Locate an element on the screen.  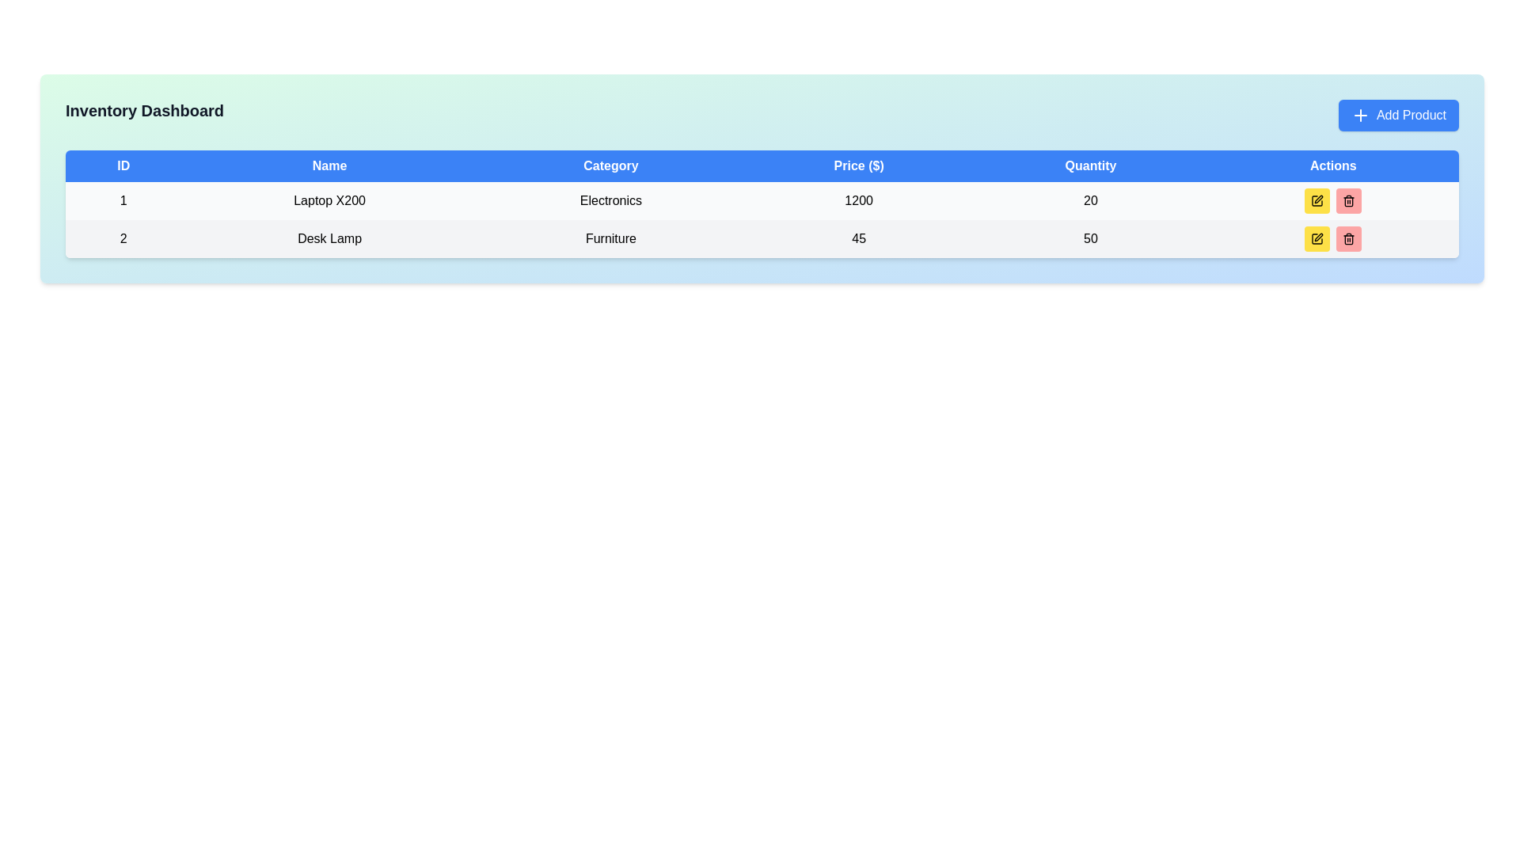
the Table Header element labeled 'ID', which is a blue rectangular button with white text, located at the leftmost side of the table headers is located at coordinates (123, 165).